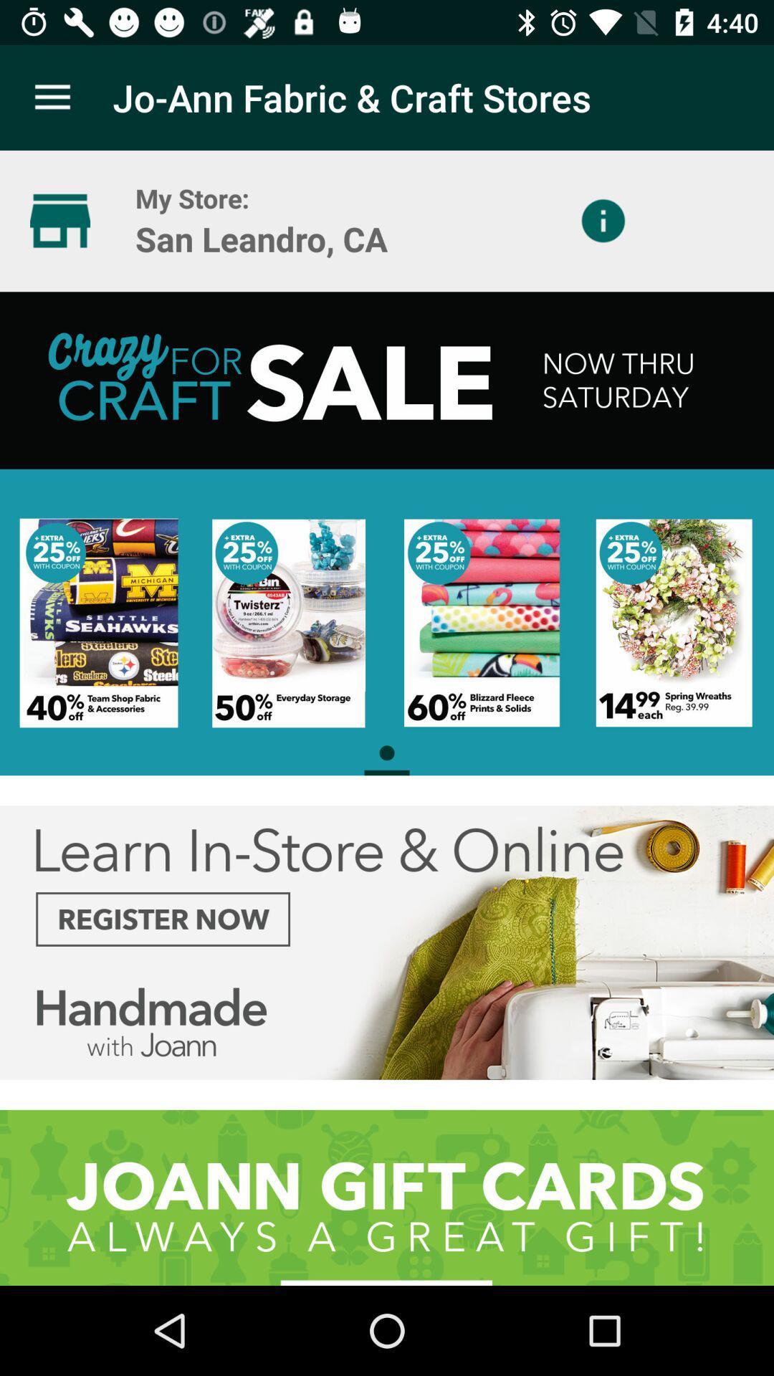 This screenshot has width=774, height=1376. What do you see at coordinates (603, 220) in the screenshot?
I see `icon to the right of the san leandro, ca item` at bounding box center [603, 220].